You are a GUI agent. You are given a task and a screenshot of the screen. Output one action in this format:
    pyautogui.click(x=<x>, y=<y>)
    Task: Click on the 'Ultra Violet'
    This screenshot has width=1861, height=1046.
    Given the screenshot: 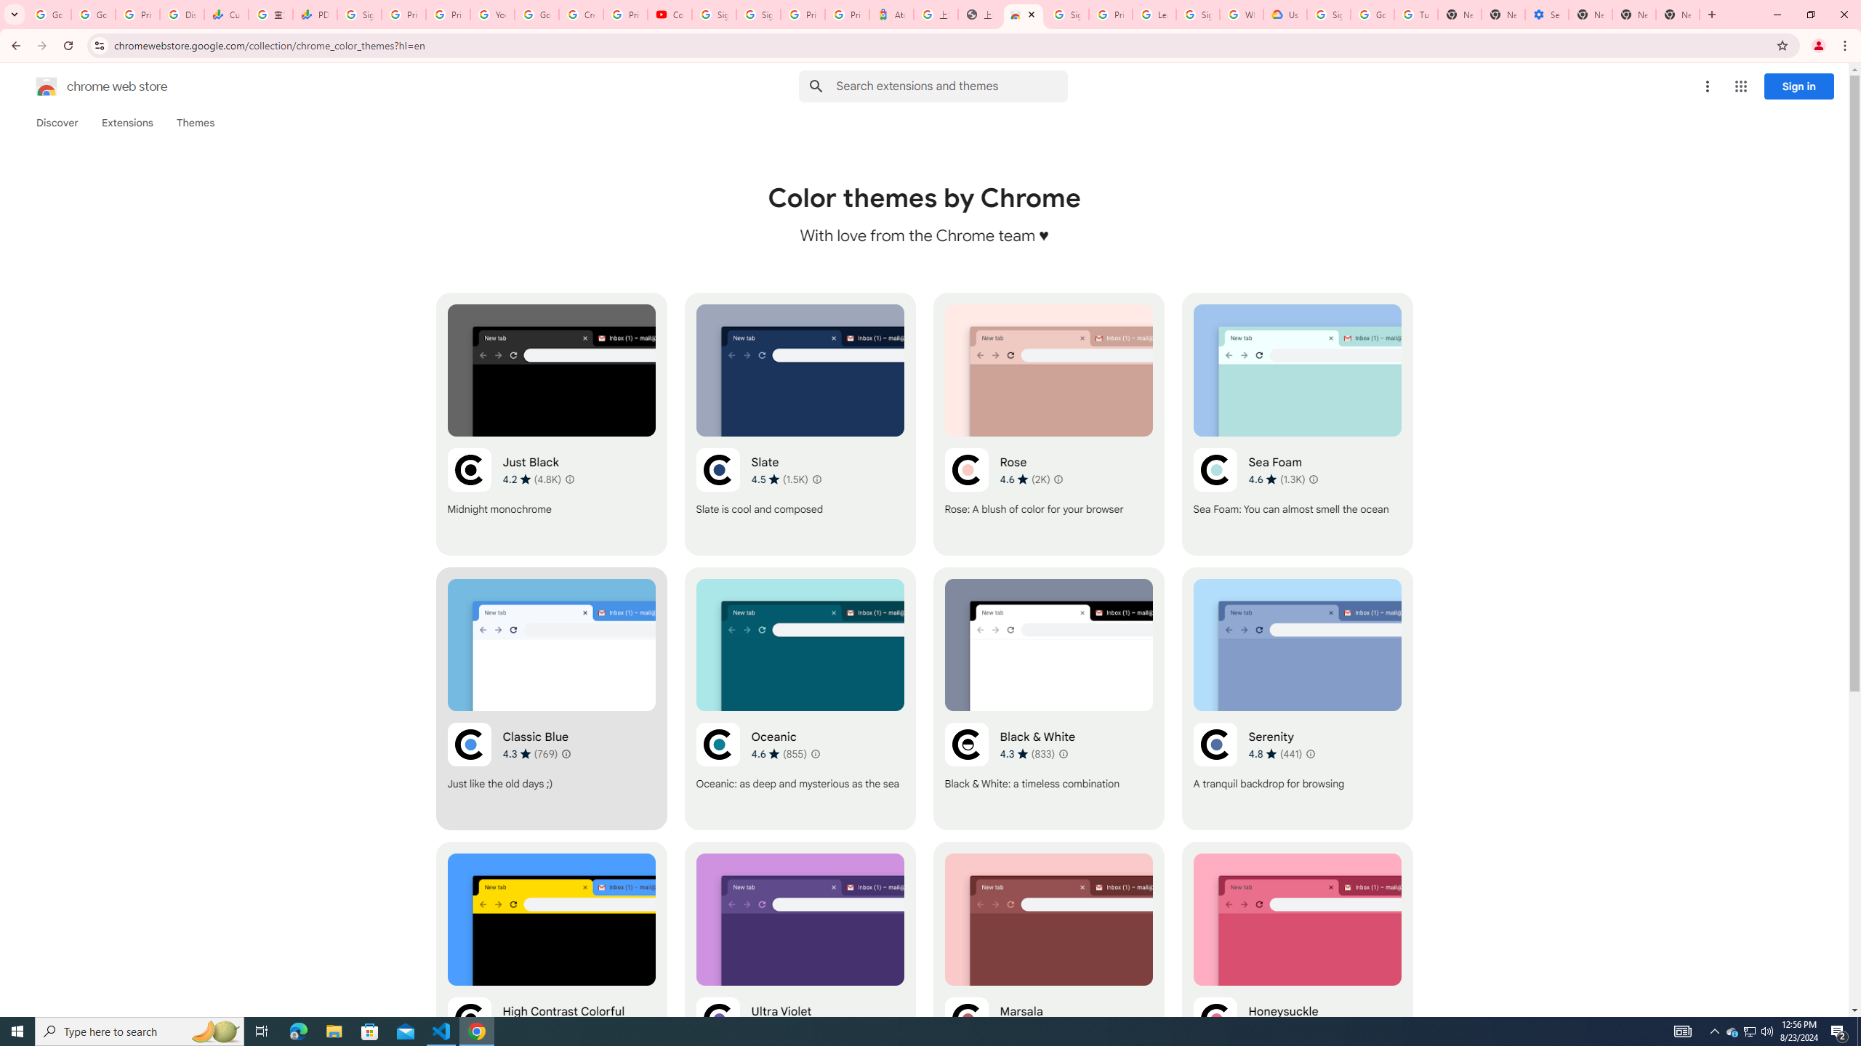 What is the action you would take?
    pyautogui.click(x=800, y=972)
    